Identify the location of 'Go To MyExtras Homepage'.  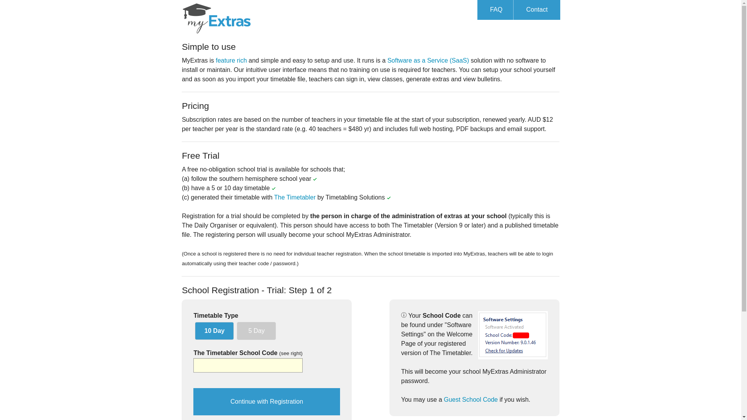
(216, 17).